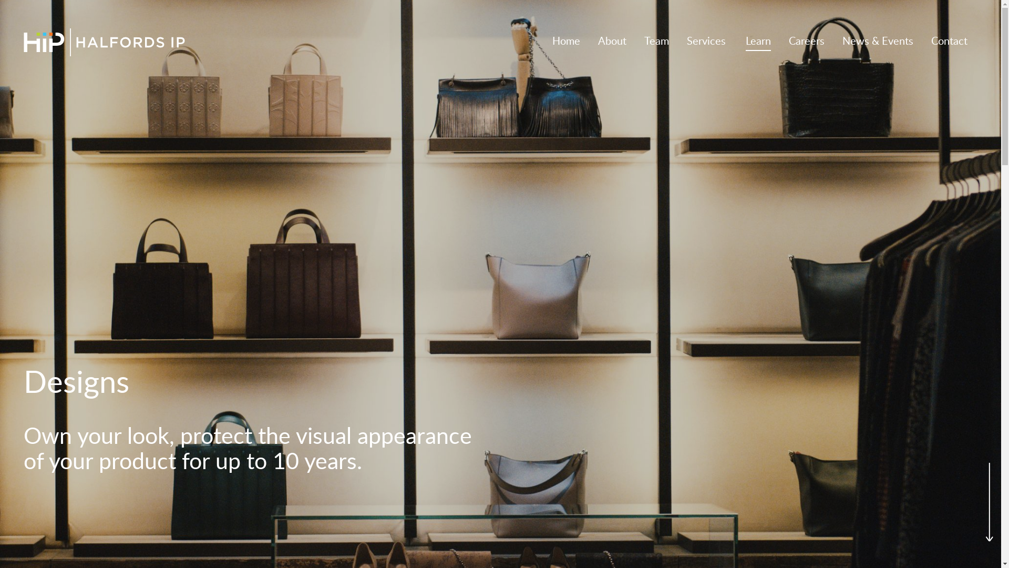 The height and width of the screenshot is (568, 1009). What do you see at coordinates (806, 42) in the screenshot?
I see `'Careers'` at bounding box center [806, 42].